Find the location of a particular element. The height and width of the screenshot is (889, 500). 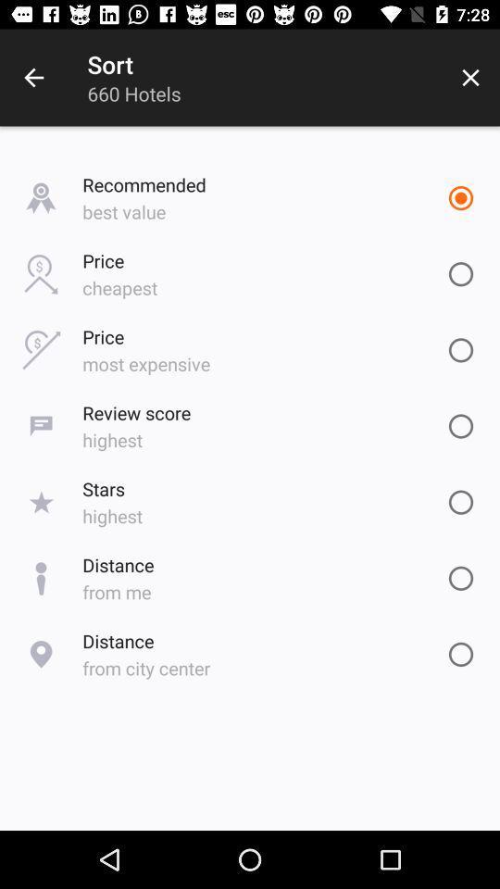

the icon next to 660 hotels is located at coordinates (470, 78).